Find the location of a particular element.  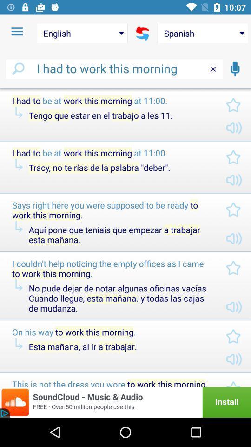

interchange original and translated language is located at coordinates (142, 33).